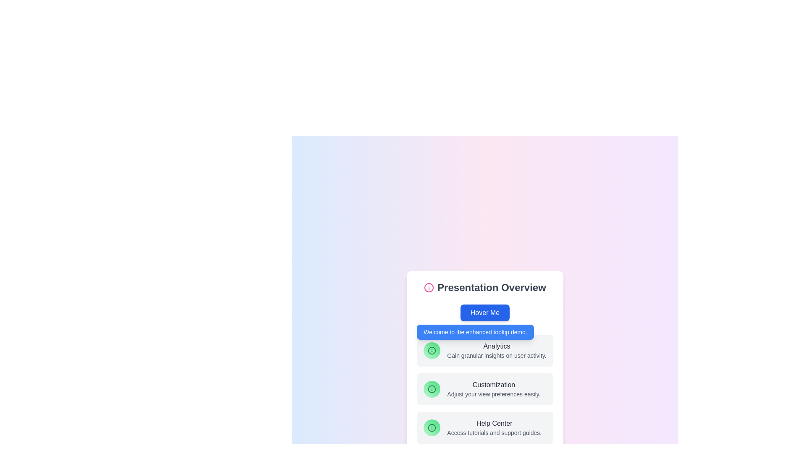  Describe the element at coordinates (432, 389) in the screenshot. I see `the central circular part of the SVG icon within the 'Customization' button located under the 'Presentation Overview' heading` at that location.